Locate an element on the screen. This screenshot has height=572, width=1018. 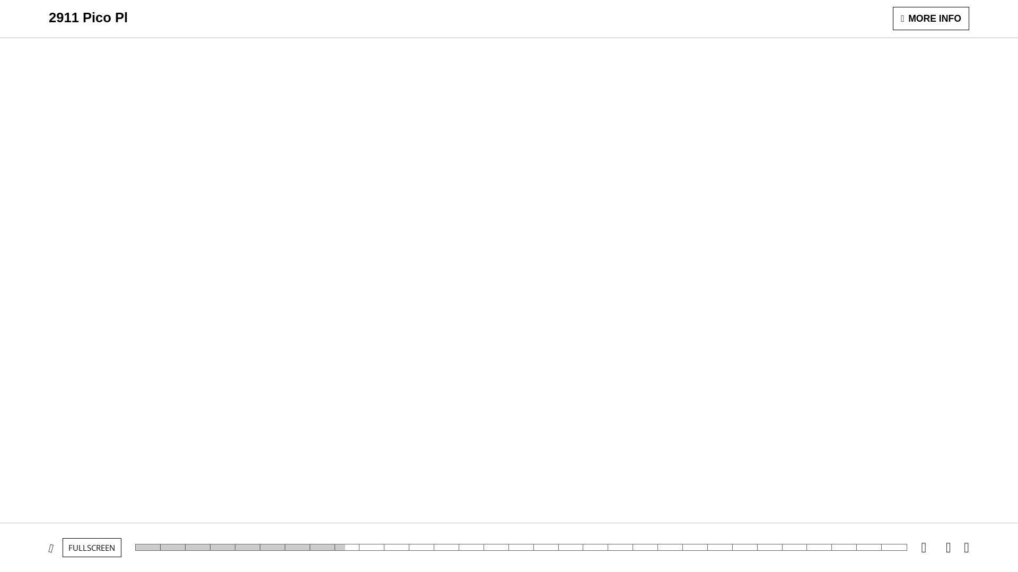
'MORE INFO' is located at coordinates (931, 18).